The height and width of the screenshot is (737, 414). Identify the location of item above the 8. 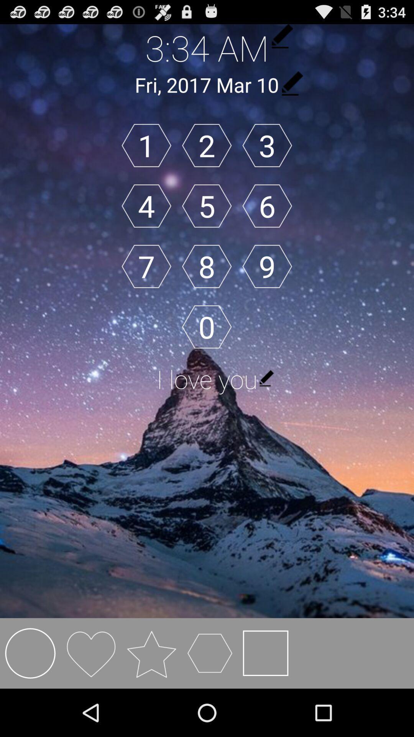
(206, 206).